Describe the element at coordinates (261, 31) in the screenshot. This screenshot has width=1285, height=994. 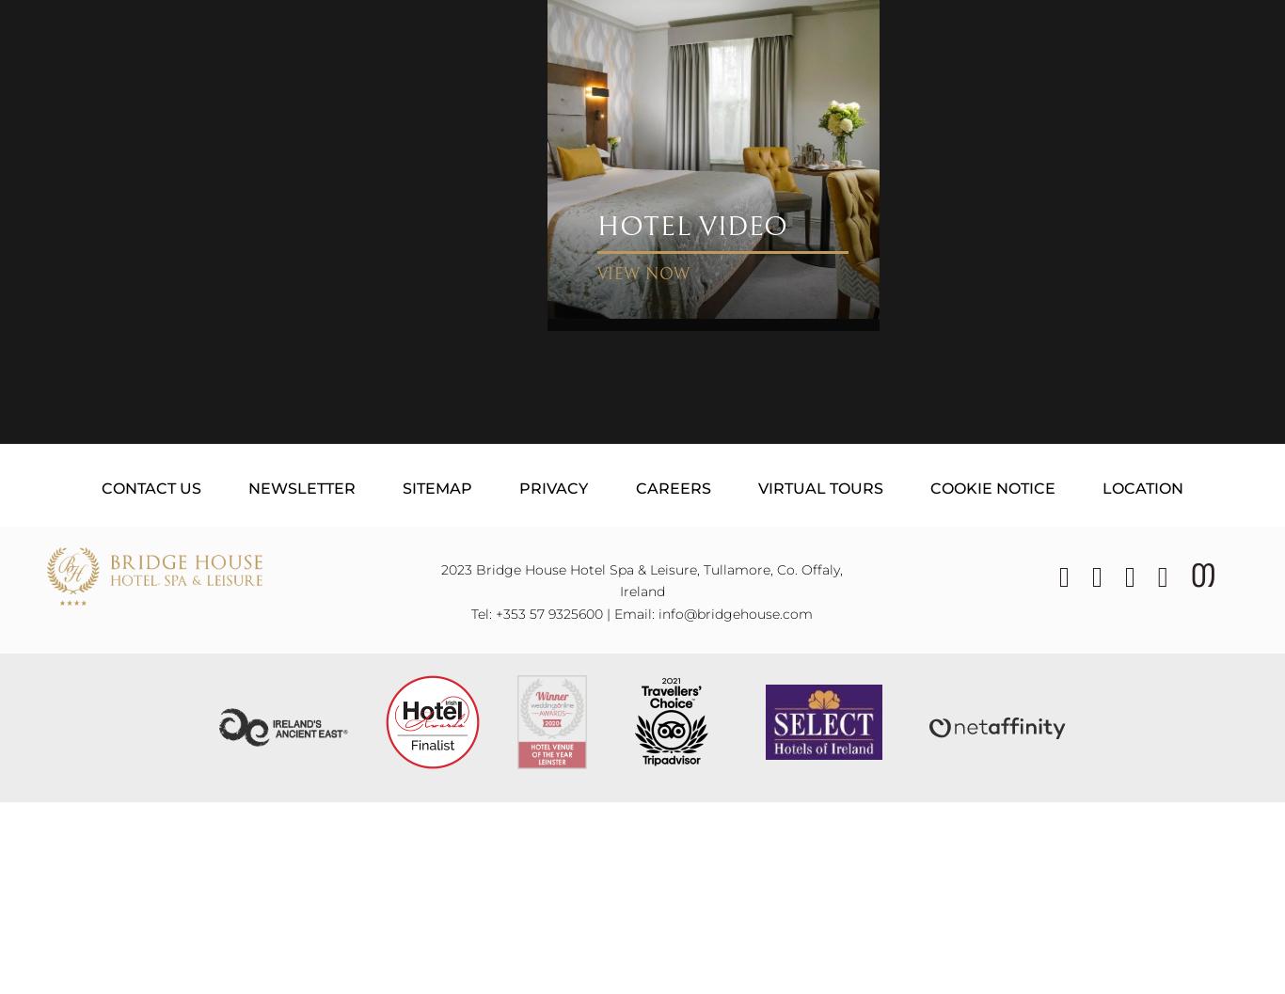
I see `'Golf Enquiries'` at that location.